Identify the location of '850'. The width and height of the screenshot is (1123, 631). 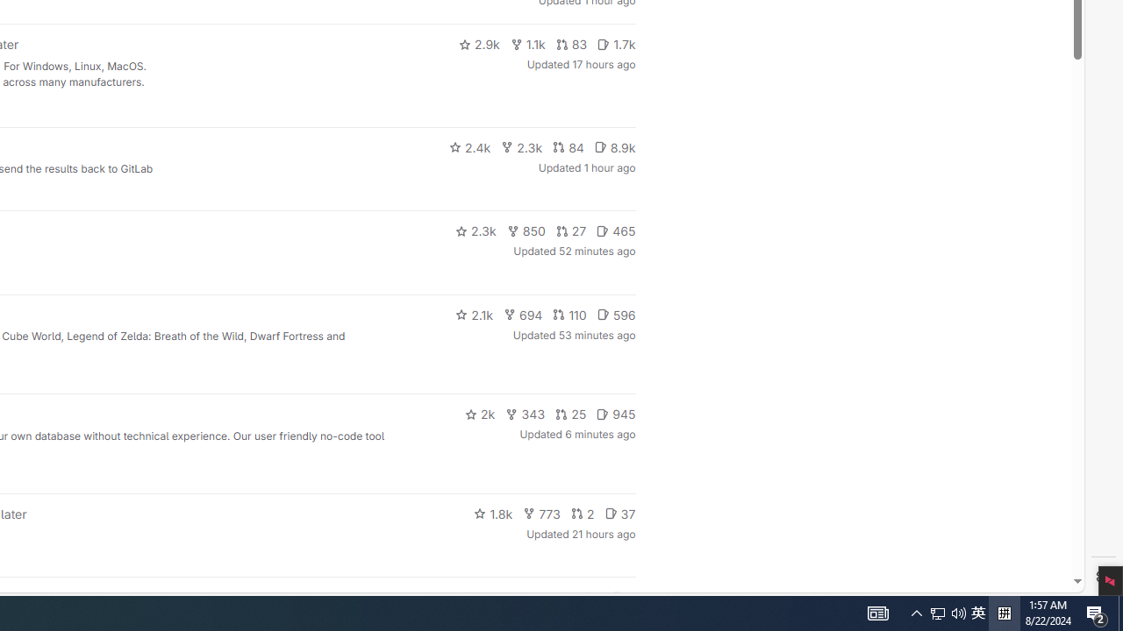
(525, 230).